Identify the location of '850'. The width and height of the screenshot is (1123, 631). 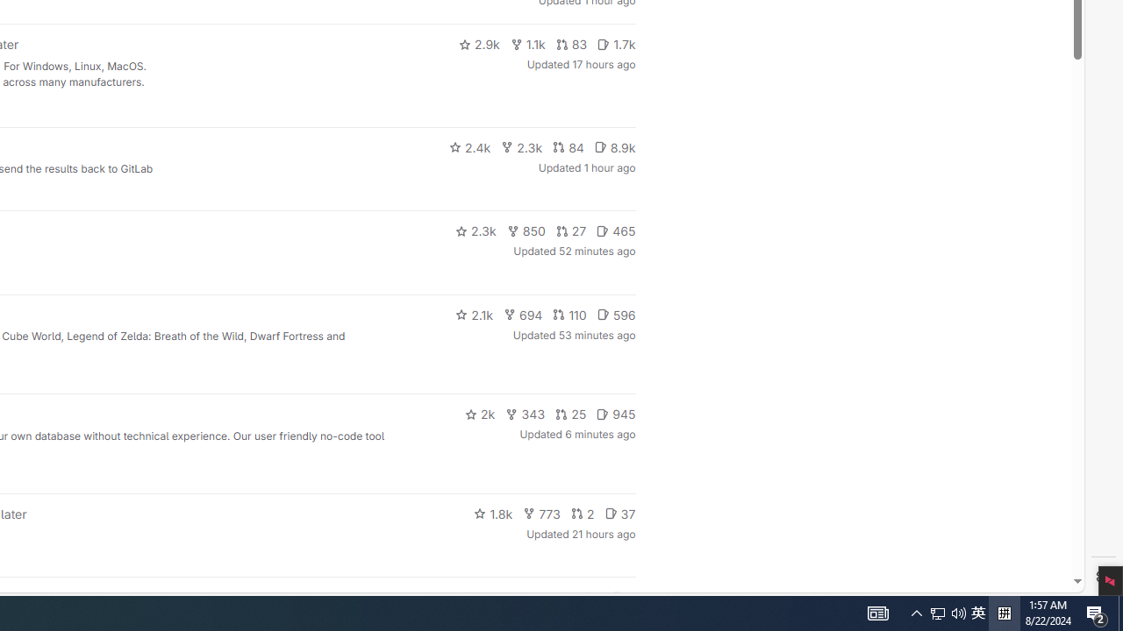
(525, 230).